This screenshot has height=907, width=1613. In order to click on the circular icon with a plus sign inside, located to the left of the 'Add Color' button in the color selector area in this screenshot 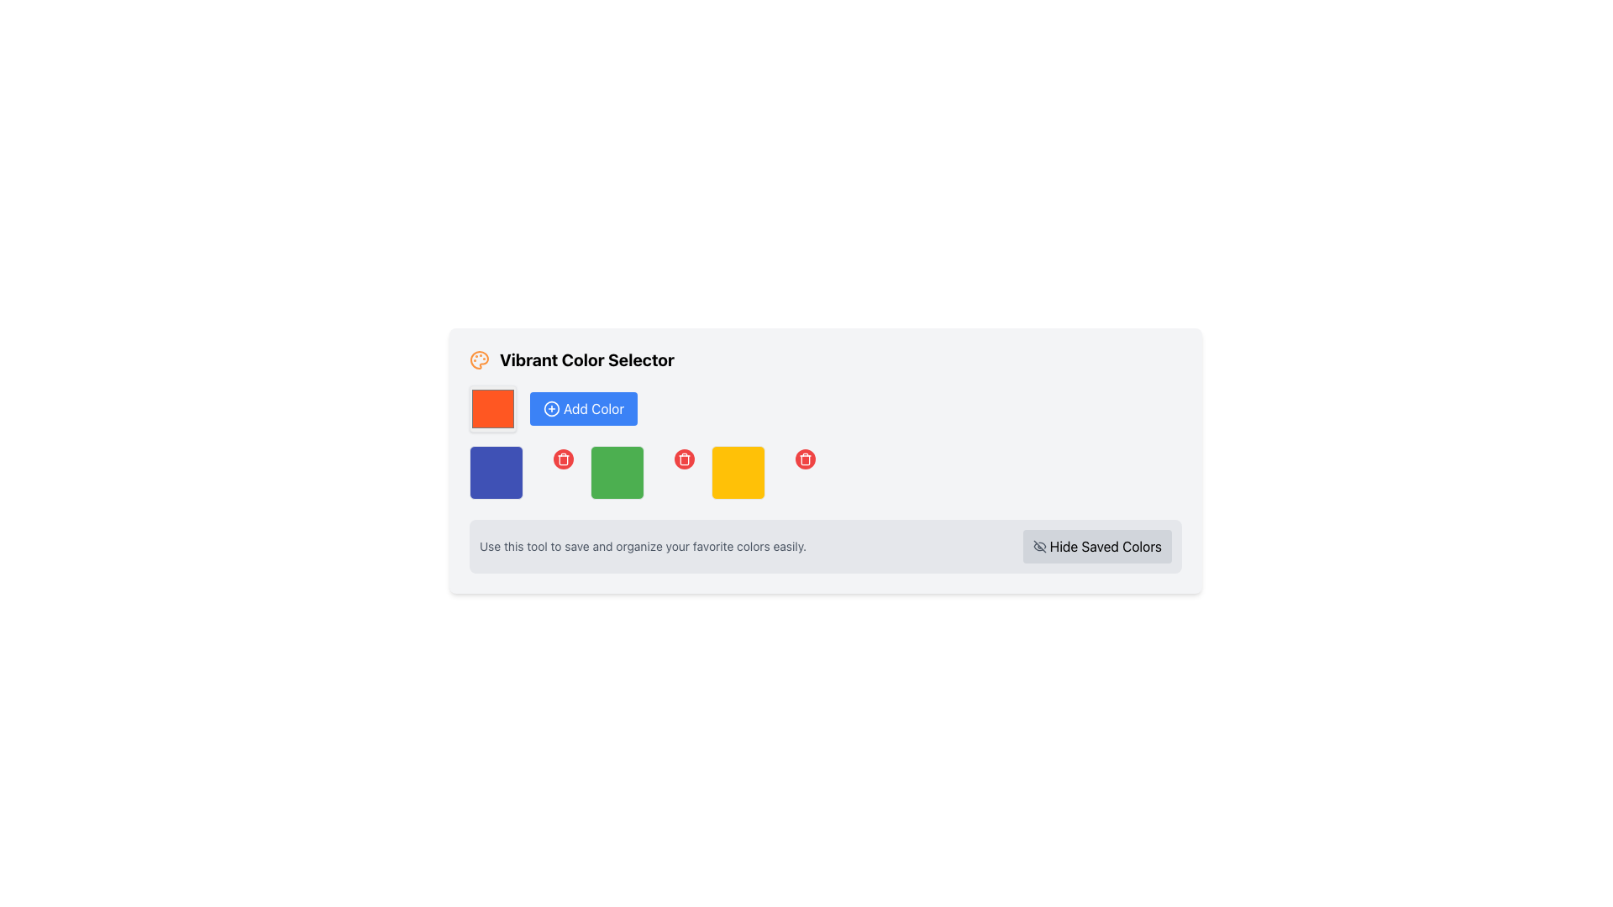, I will do `click(552, 408)`.